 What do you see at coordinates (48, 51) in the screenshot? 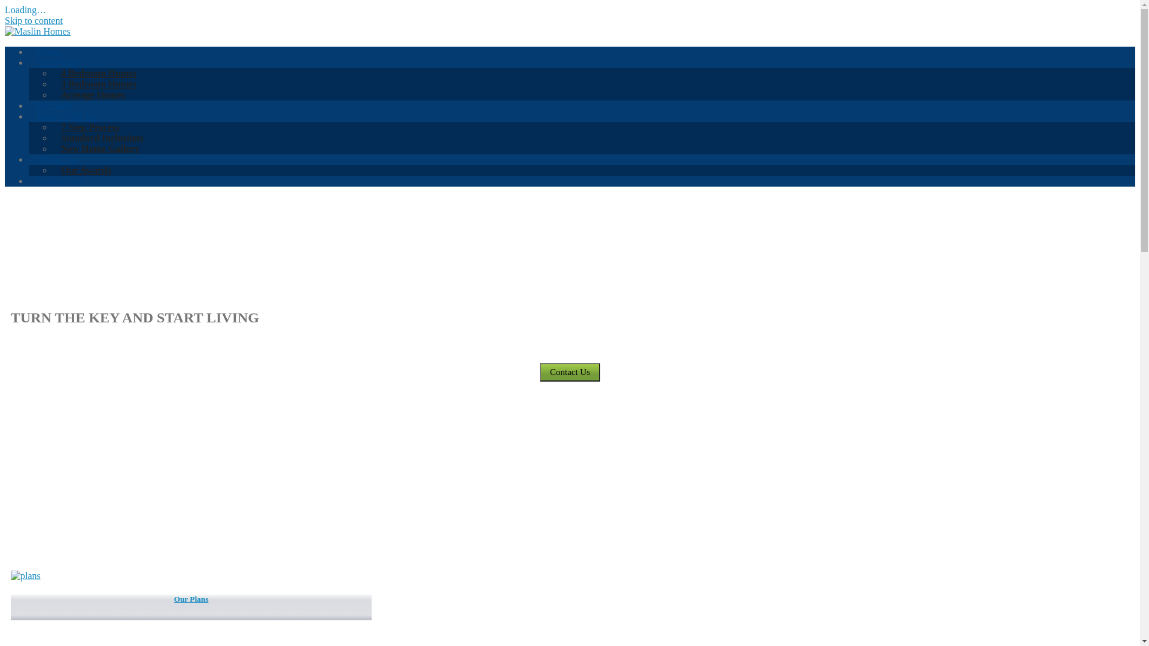
I see `'Home'` at bounding box center [48, 51].